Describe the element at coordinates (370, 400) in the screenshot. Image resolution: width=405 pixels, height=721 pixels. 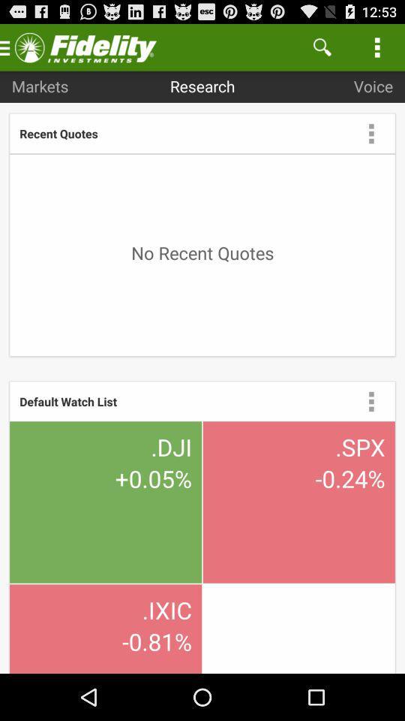
I see `open settings` at that location.